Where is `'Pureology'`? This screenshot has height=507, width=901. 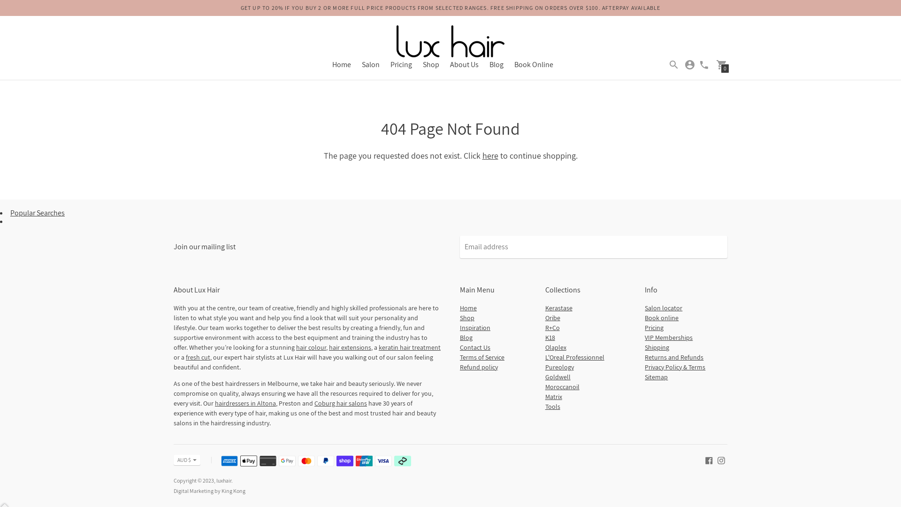 'Pureology' is located at coordinates (559, 367).